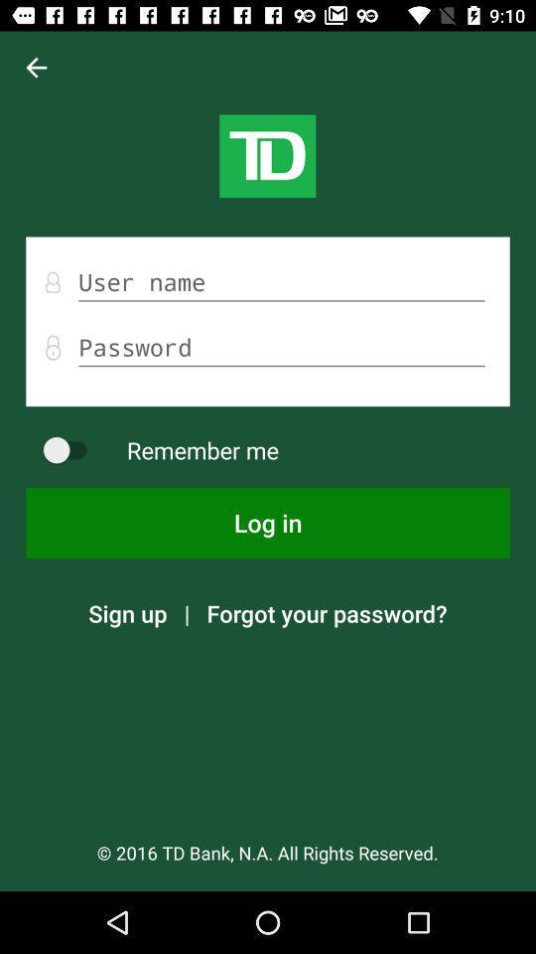 The height and width of the screenshot is (954, 536). What do you see at coordinates (127, 612) in the screenshot?
I see `the sign up item` at bounding box center [127, 612].